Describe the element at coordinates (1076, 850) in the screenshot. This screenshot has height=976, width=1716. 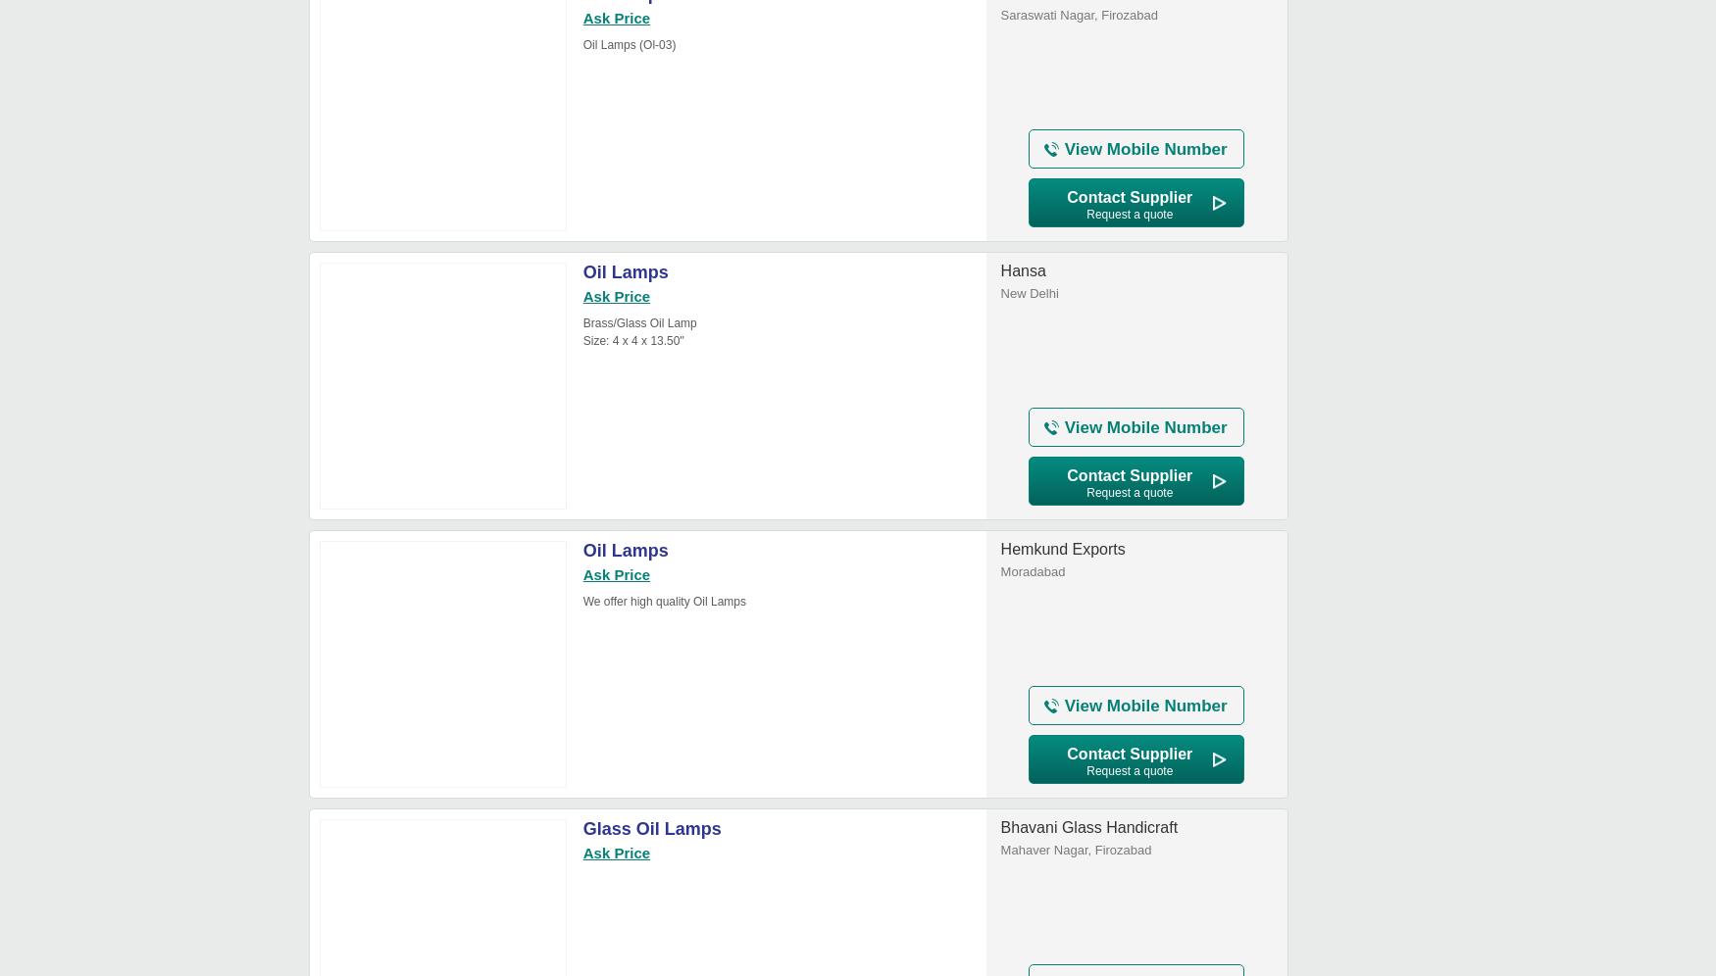
I see `'Mahaver Nagar, Firozabad'` at that location.